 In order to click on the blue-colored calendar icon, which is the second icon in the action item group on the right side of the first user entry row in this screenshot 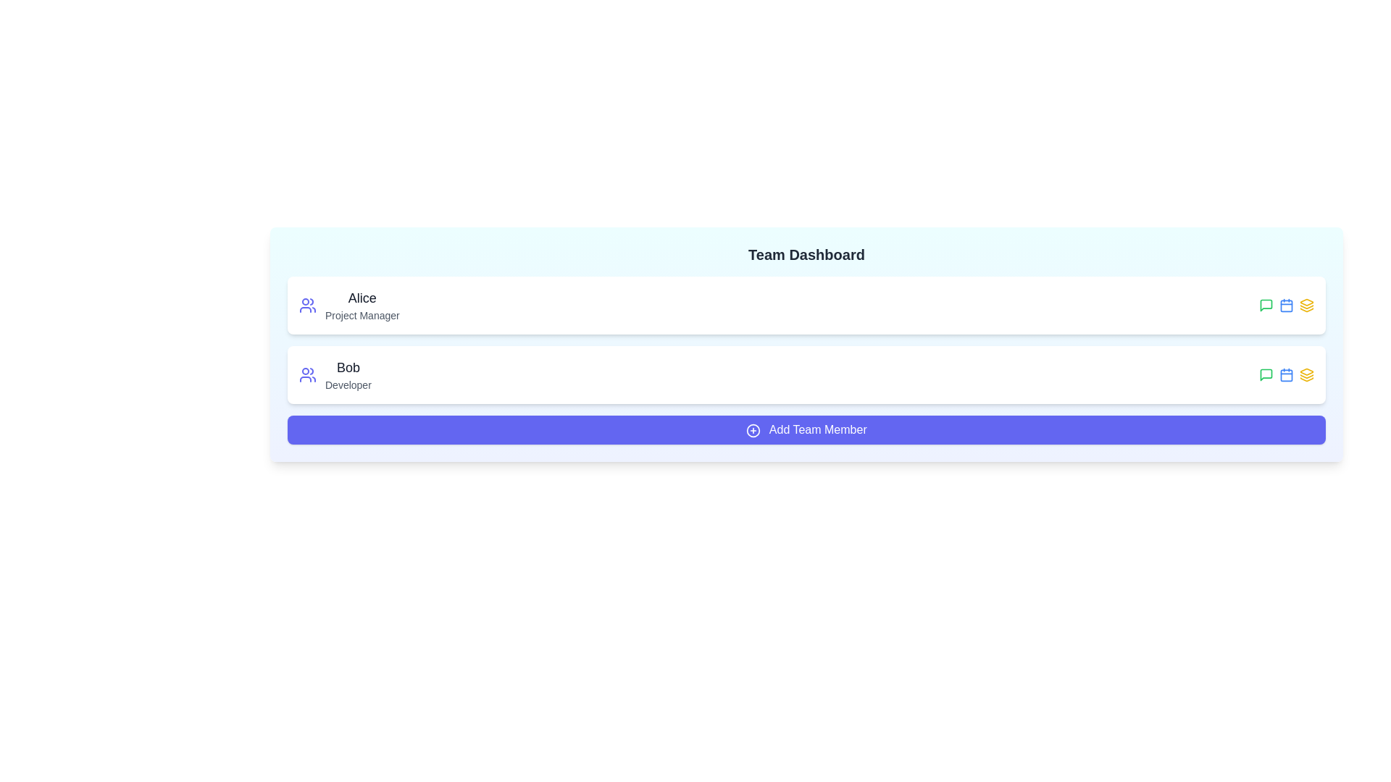, I will do `click(1287, 304)`.